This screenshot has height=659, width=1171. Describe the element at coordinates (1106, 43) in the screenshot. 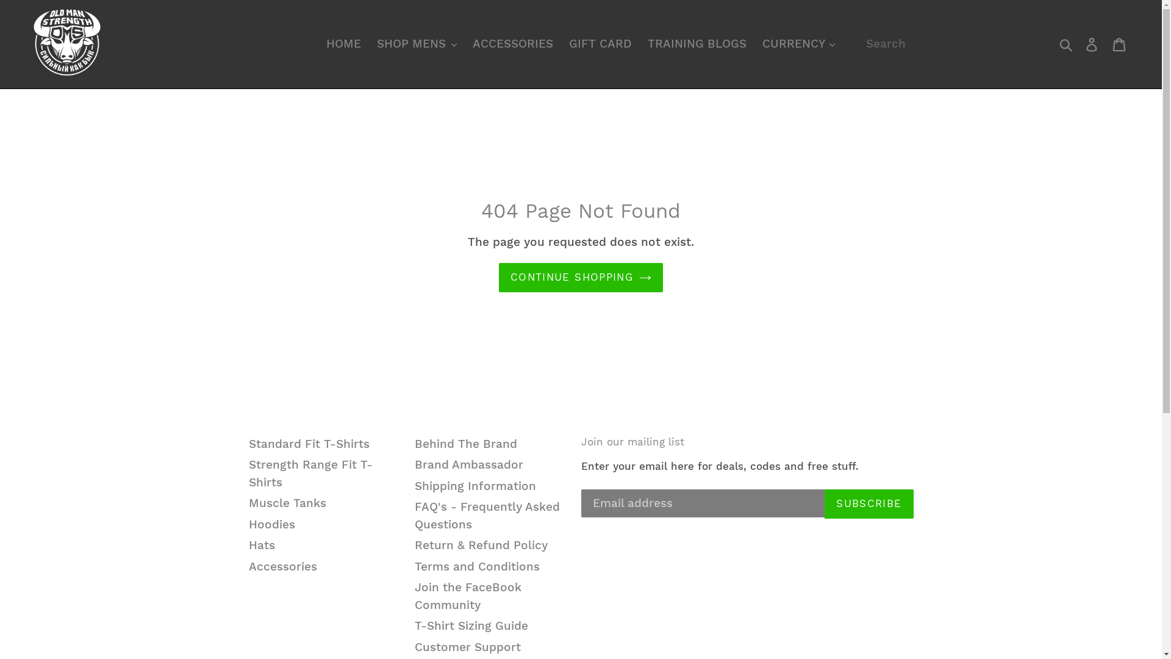

I see `'Cart'` at that location.